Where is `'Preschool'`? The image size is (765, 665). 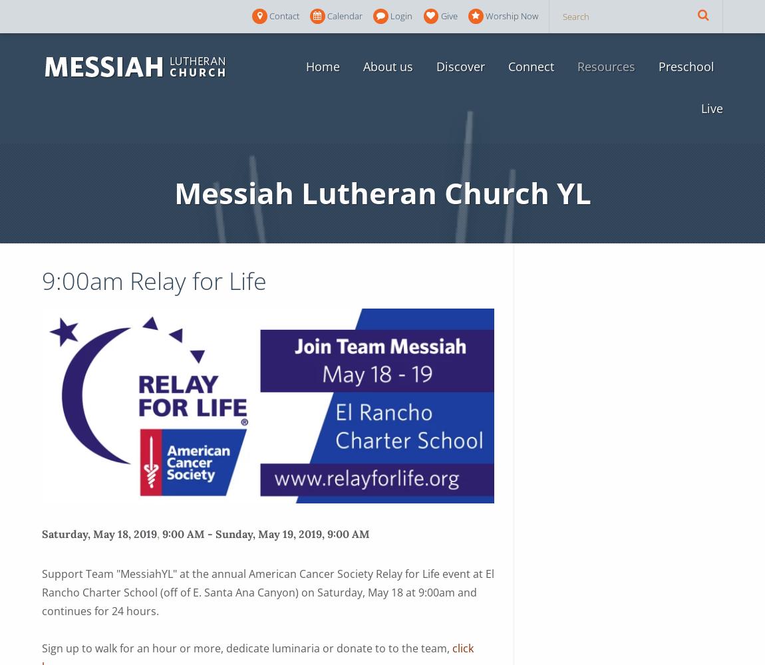
'Preschool' is located at coordinates (685, 66).